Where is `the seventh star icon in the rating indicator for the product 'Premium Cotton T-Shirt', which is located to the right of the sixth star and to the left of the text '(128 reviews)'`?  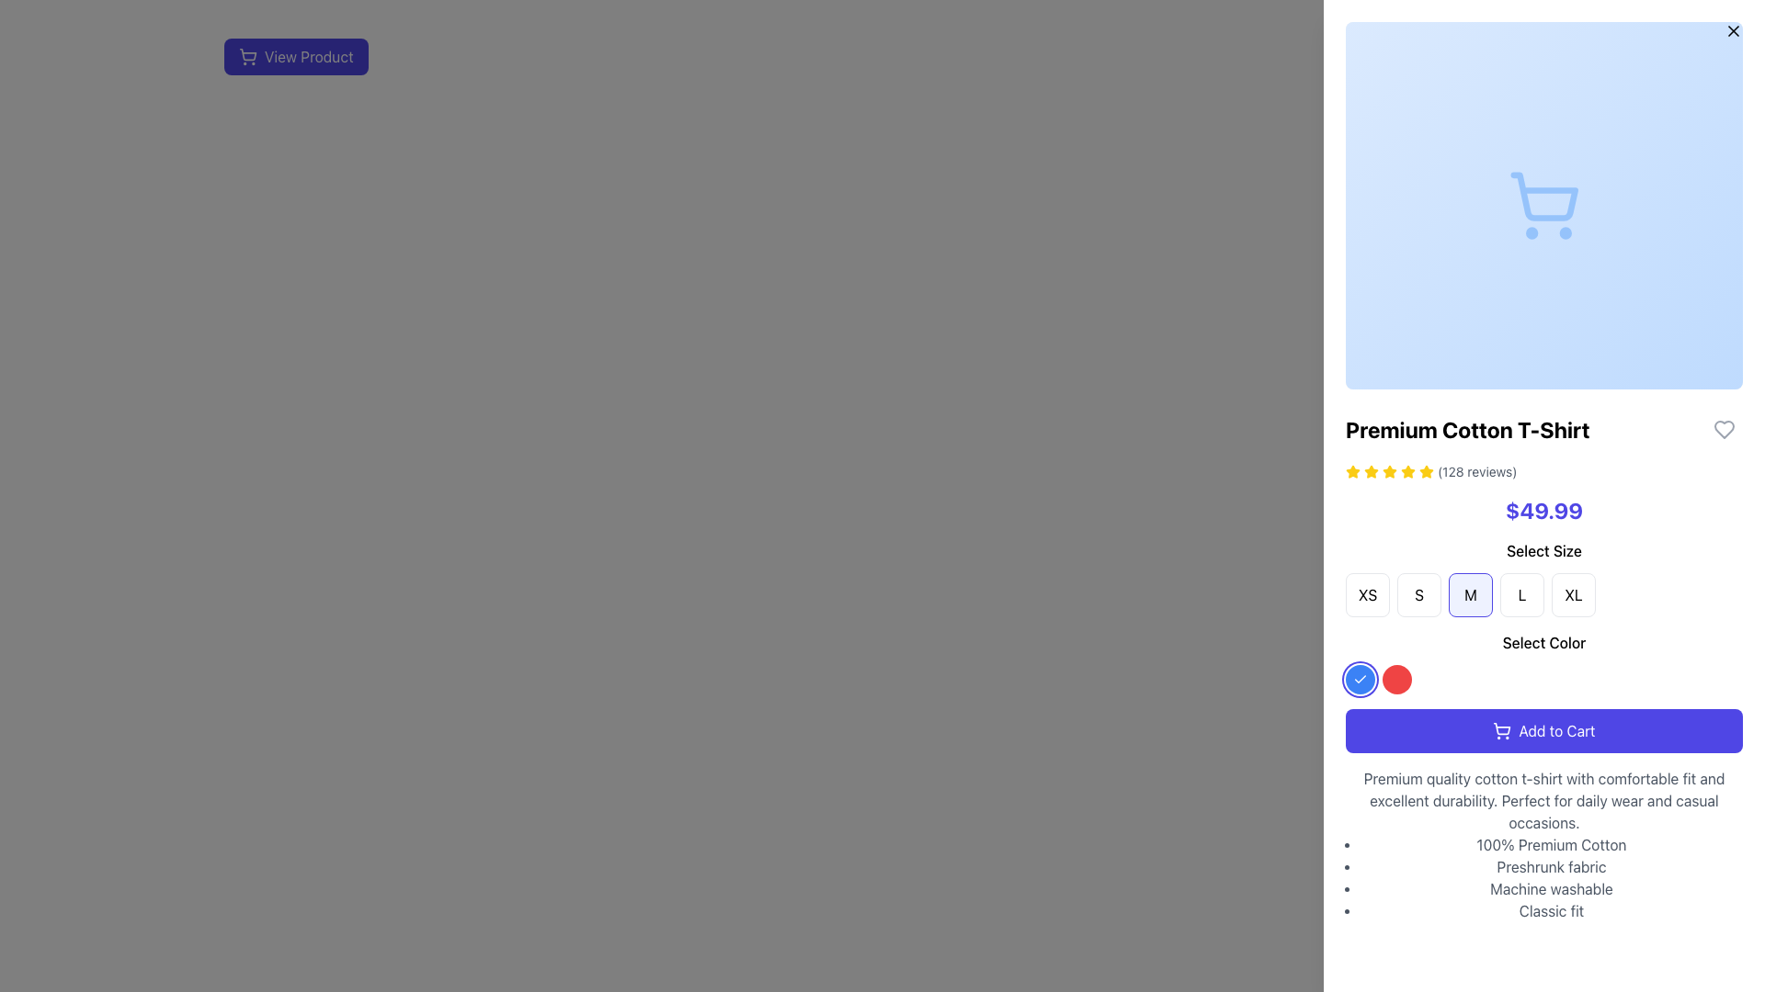 the seventh star icon in the rating indicator for the product 'Premium Cotton T-Shirt', which is located to the right of the sixth star and to the left of the text '(128 reviews)' is located at coordinates (1425, 470).